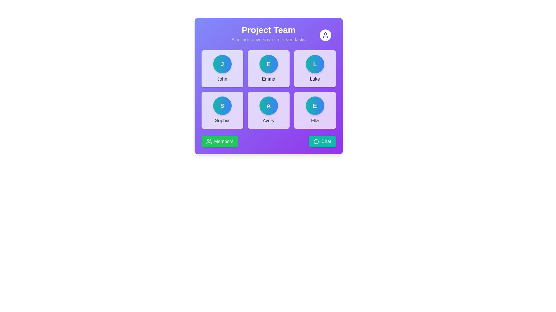  Describe the element at coordinates (222, 120) in the screenshot. I see `the text label displaying the name 'Sophia' located in the bottom left cell of the grid, directly below the circular avatar containing an 'S'` at that location.